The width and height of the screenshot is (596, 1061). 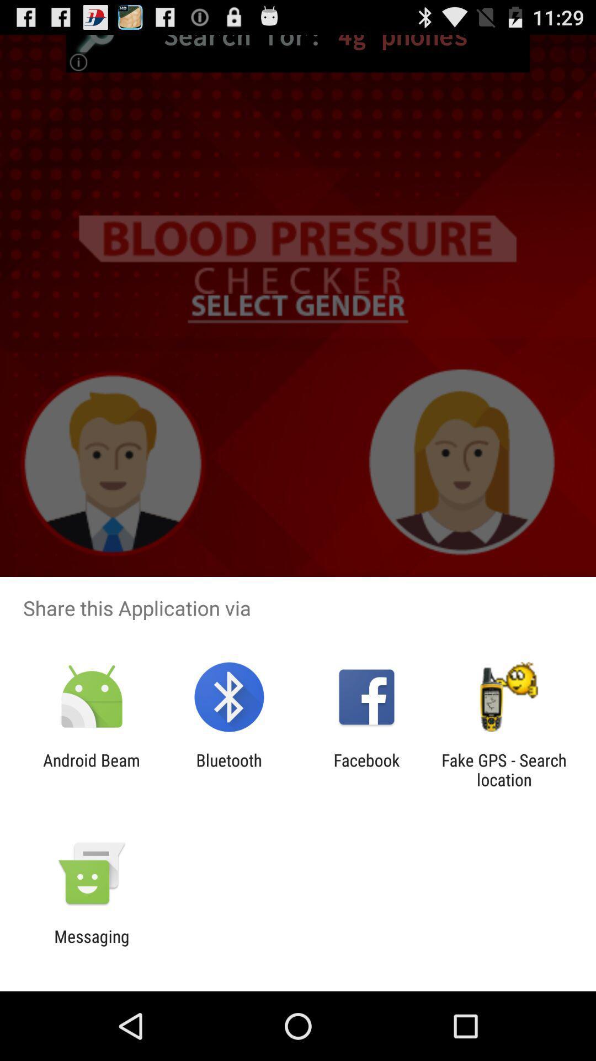 What do you see at coordinates (504, 769) in the screenshot?
I see `icon to the right of the facebook app` at bounding box center [504, 769].